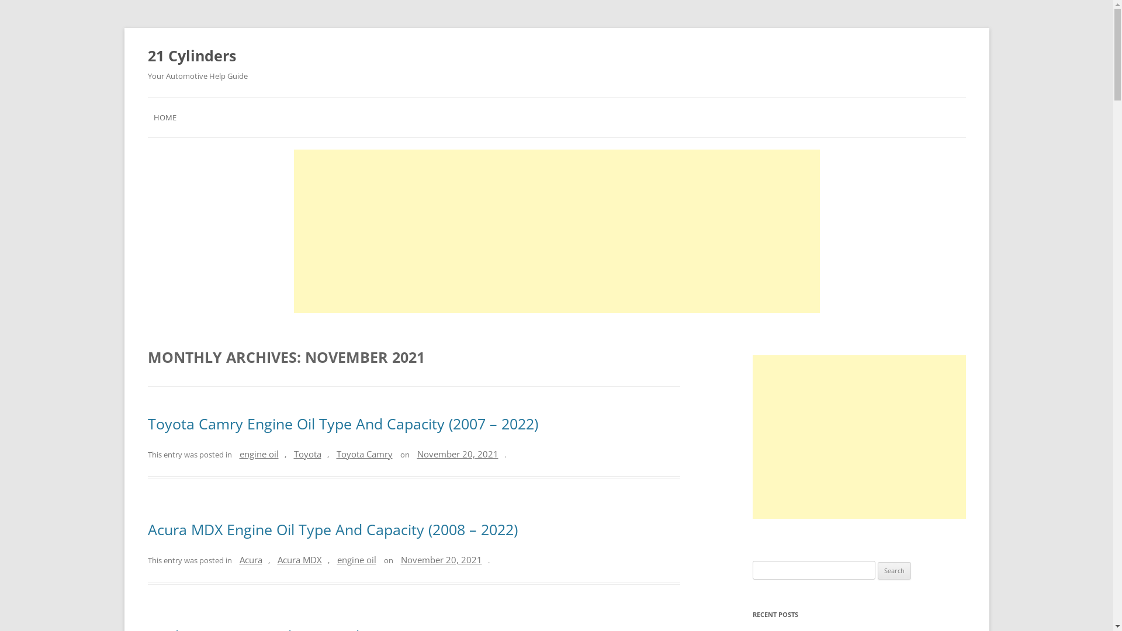 The width and height of the screenshot is (1122, 631). Describe the element at coordinates (164, 117) in the screenshot. I see `'HOME'` at that location.